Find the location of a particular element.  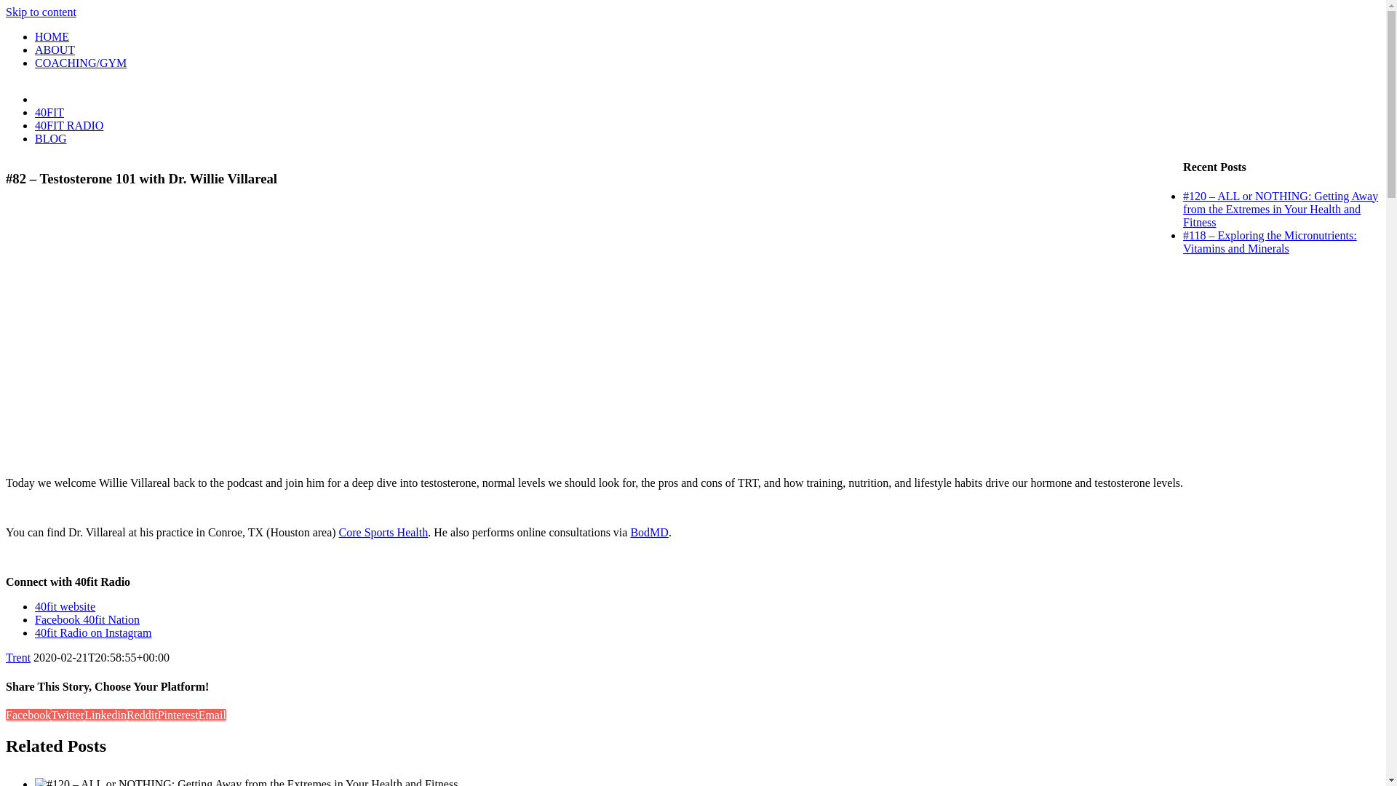

'Core Sports Health' is located at coordinates (383, 532).